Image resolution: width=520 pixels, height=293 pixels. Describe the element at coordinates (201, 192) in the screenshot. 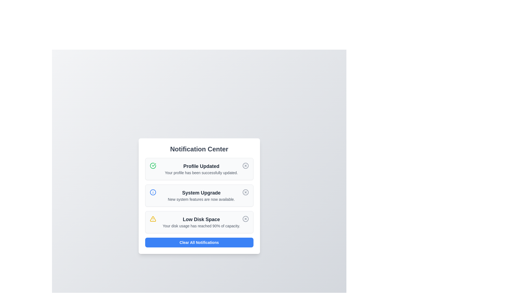

I see `the bold, large dark gray text reading 'System Upgrade' in the Notification Center, which is the title of the second notification` at that location.